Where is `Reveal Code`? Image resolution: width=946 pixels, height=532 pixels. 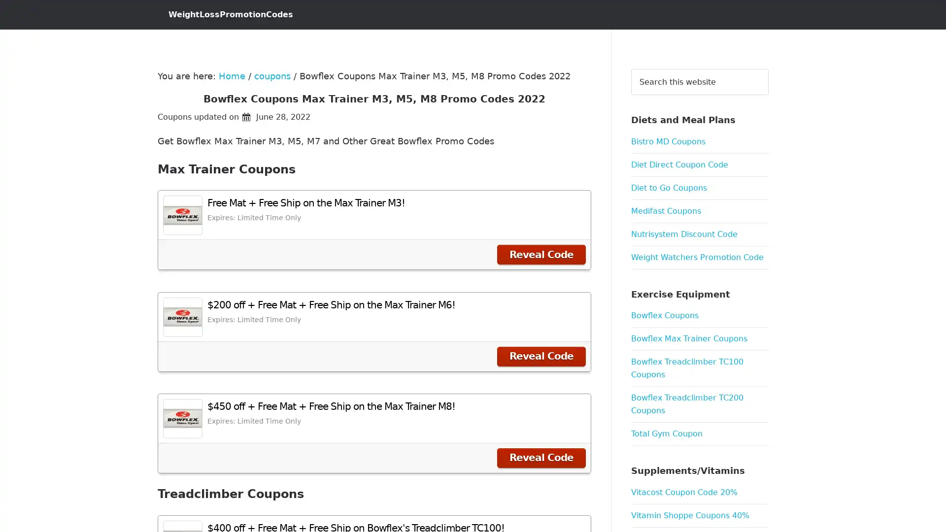 Reveal Code is located at coordinates (541, 356).